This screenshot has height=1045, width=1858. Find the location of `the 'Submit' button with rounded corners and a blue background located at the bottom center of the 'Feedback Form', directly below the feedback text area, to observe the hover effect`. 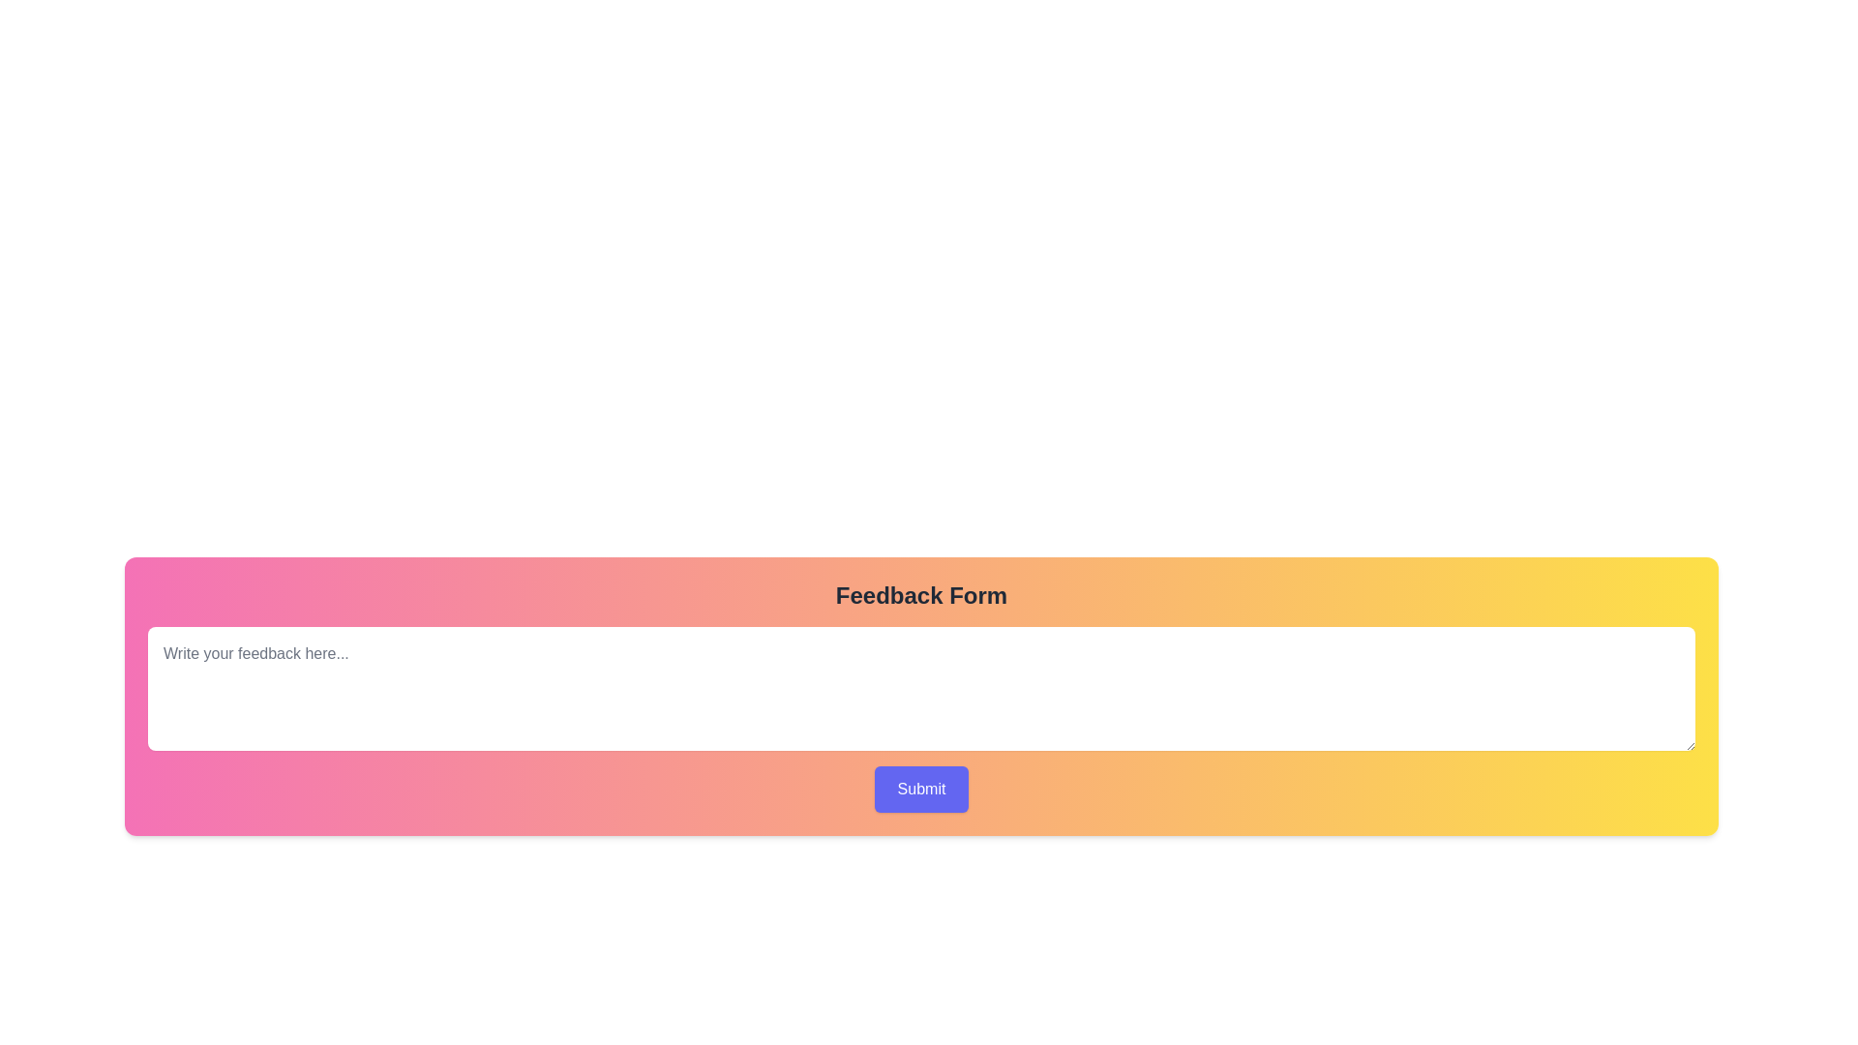

the 'Submit' button with rounded corners and a blue background located at the bottom center of the 'Feedback Form', directly below the feedback text area, to observe the hover effect is located at coordinates (920, 790).